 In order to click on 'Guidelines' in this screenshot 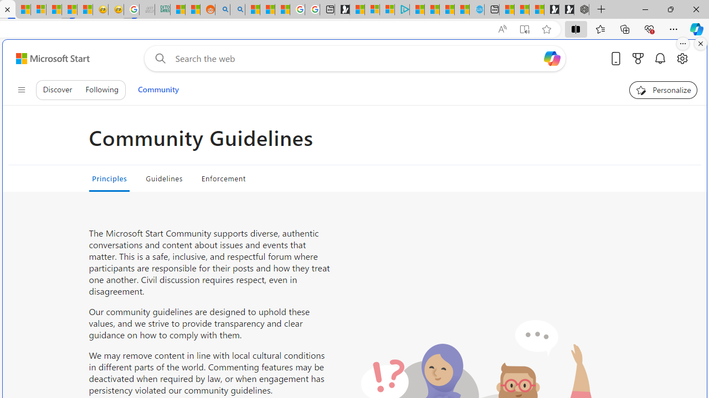, I will do `click(163, 177)`.